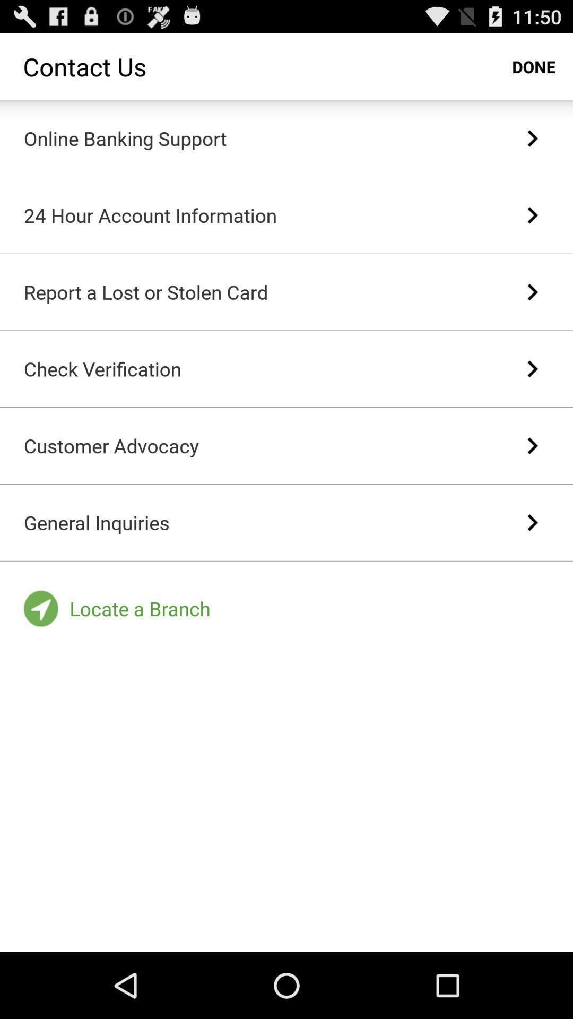  Describe the element at coordinates (532, 292) in the screenshot. I see `the item to the right of the report a lost icon` at that location.